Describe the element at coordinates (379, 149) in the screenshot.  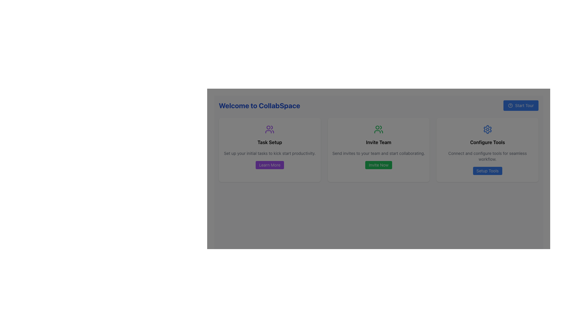
I see `the 'Invite Now' button at the bottom of the card labeled 'Invite Team' to send team invitations` at that location.